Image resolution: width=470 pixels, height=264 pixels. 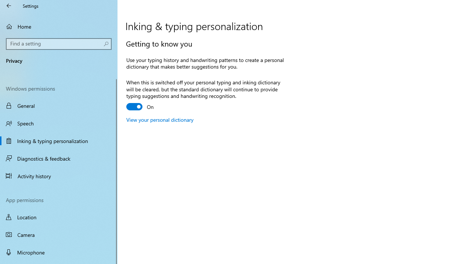 What do you see at coordinates (59, 158) in the screenshot?
I see `'Diagnostics & feedback'` at bounding box center [59, 158].